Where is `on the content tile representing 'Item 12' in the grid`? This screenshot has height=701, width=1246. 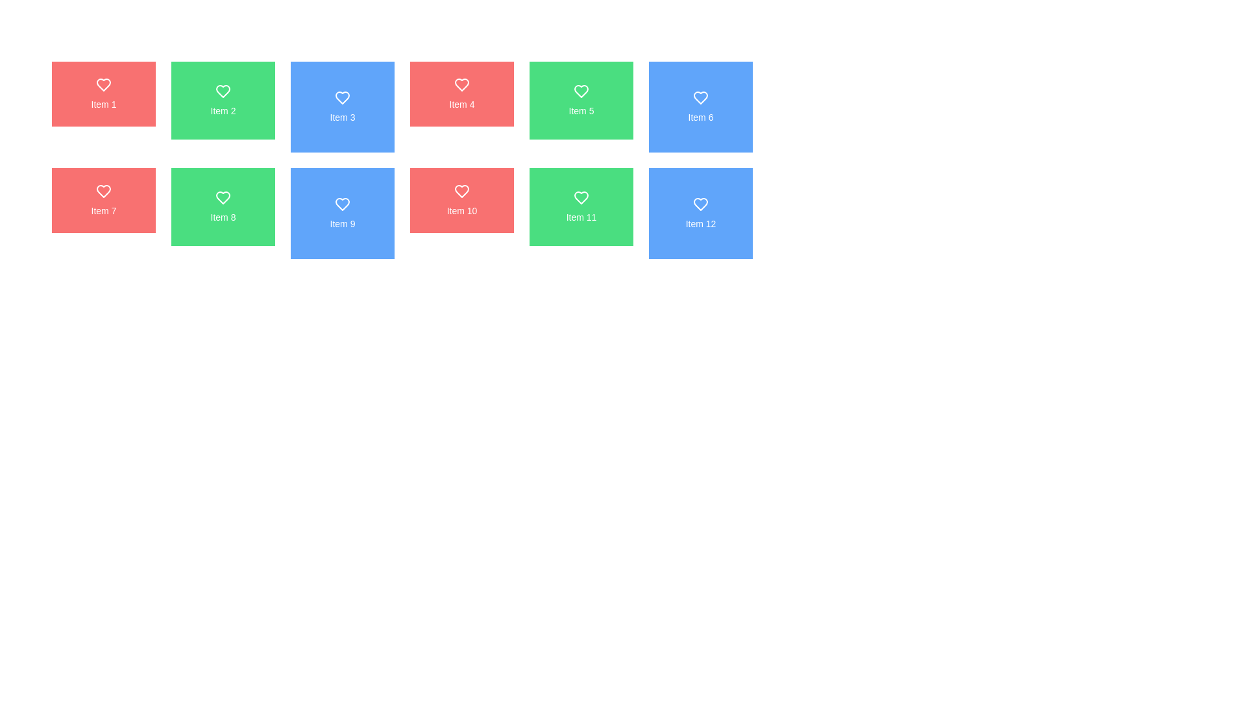
on the content tile representing 'Item 12' in the grid is located at coordinates (700, 212).